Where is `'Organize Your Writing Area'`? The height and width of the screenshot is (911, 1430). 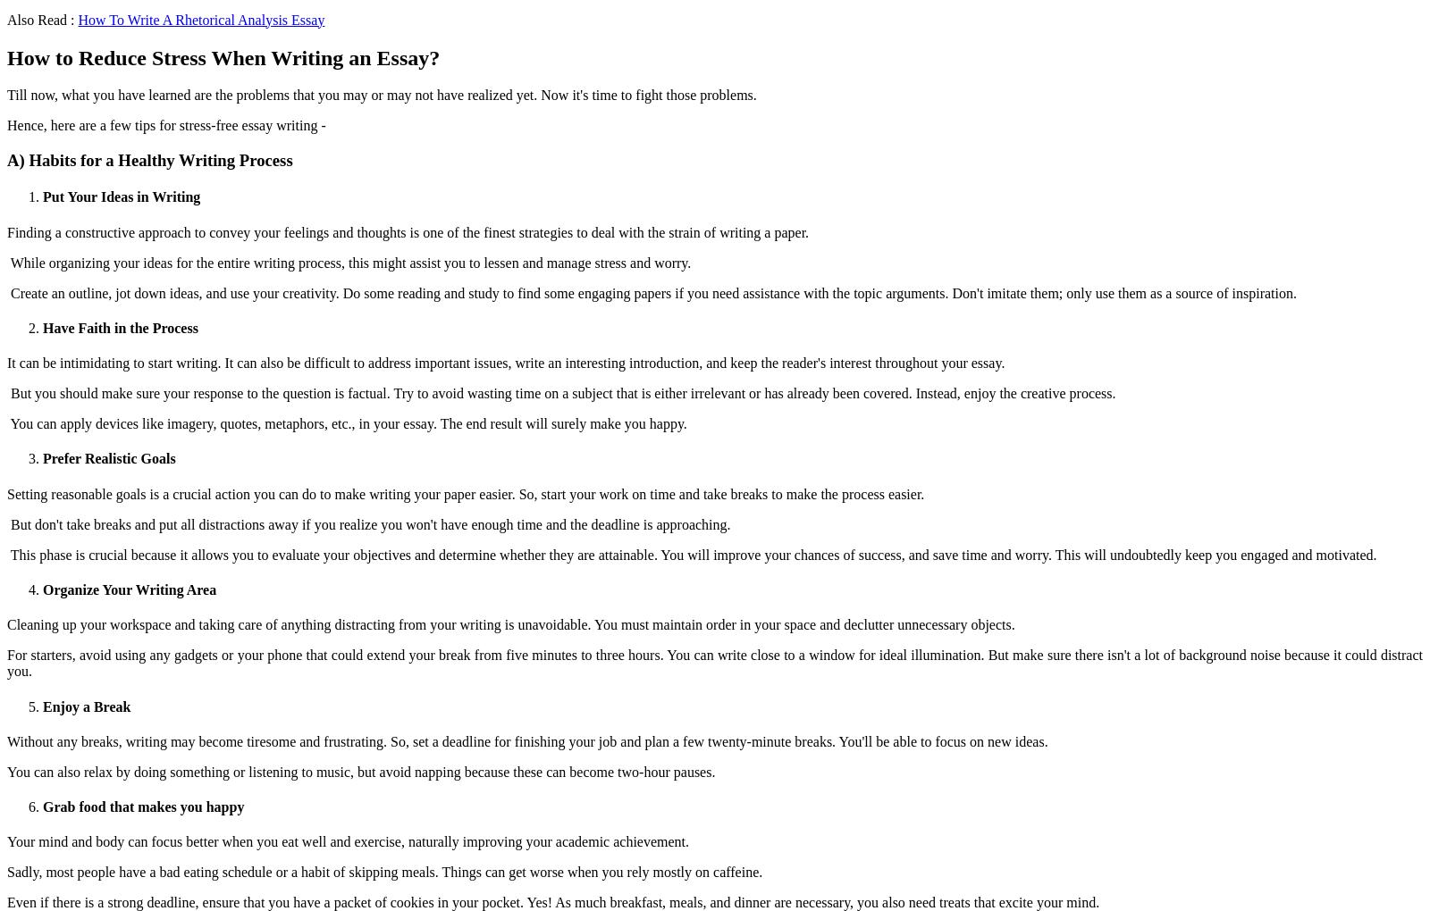
'Organize Your Writing Area' is located at coordinates (128, 589).